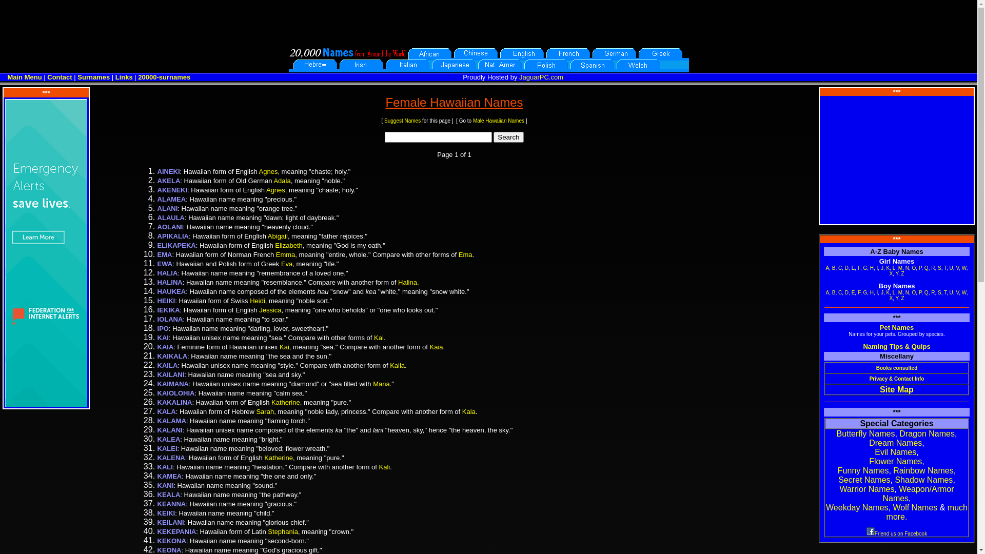 The height and width of the screenshot is (554, 985). I want to click on 'Y', so click(896, 298).